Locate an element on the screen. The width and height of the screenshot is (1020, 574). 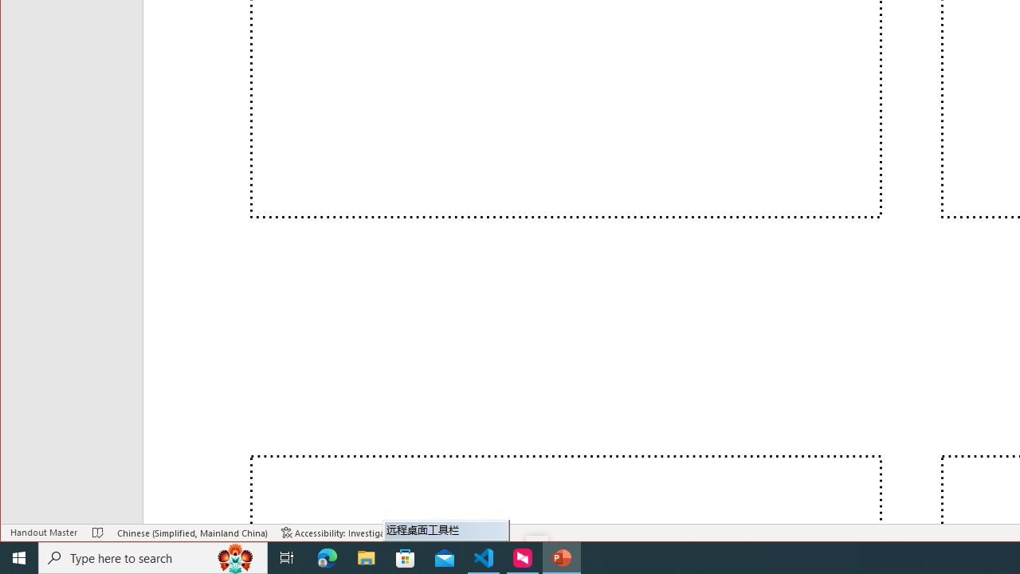
'File Explorer' is located at coordinates (366, 556).